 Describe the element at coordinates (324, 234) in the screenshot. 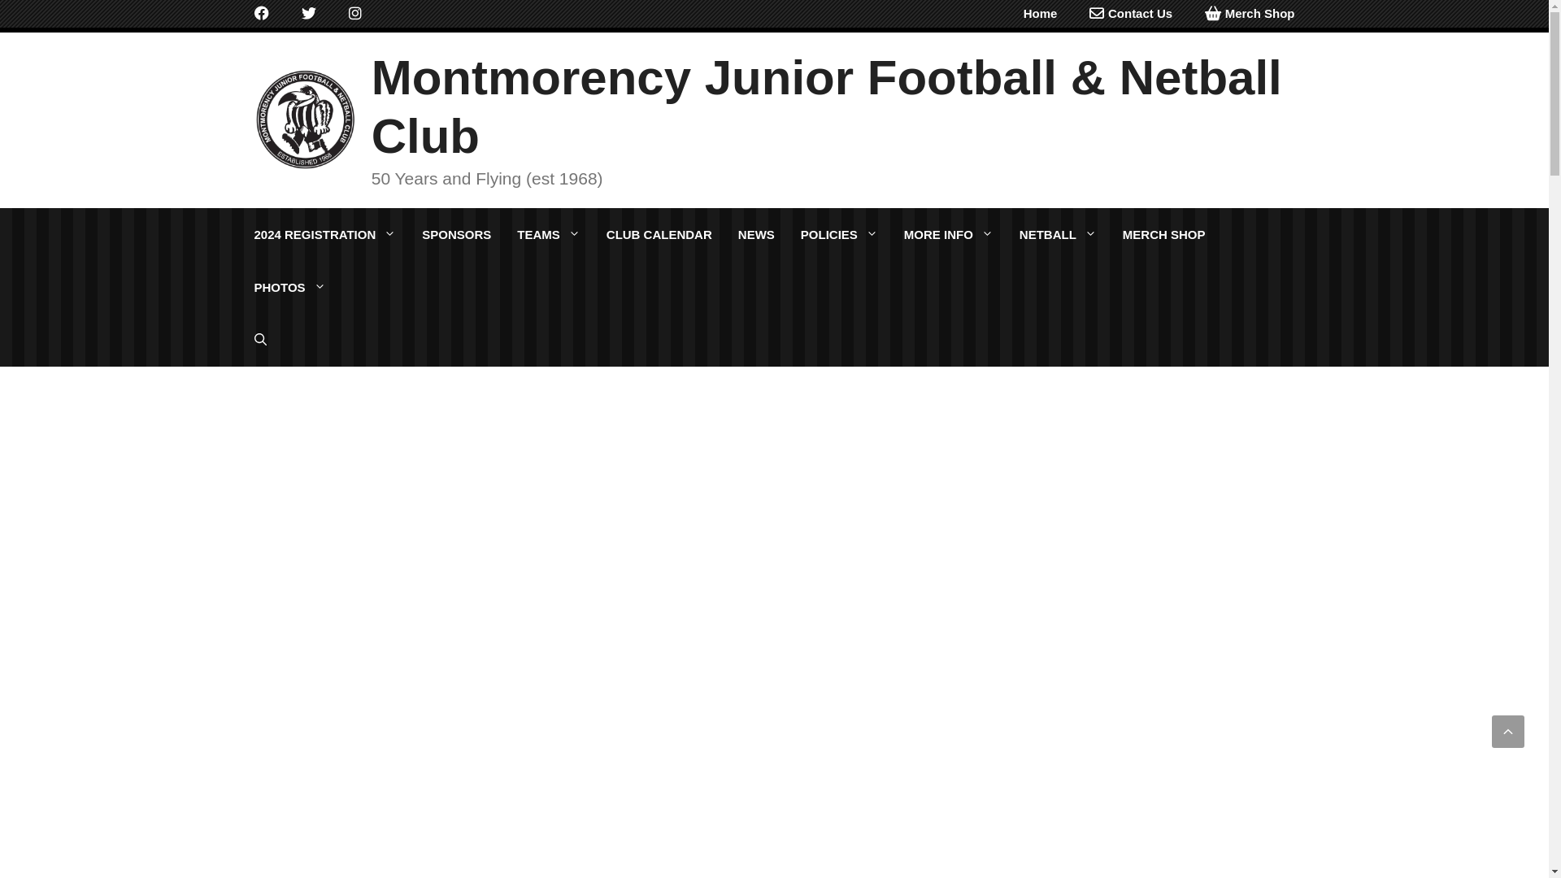

I see `'2024 REGISTRATION'` at that location.